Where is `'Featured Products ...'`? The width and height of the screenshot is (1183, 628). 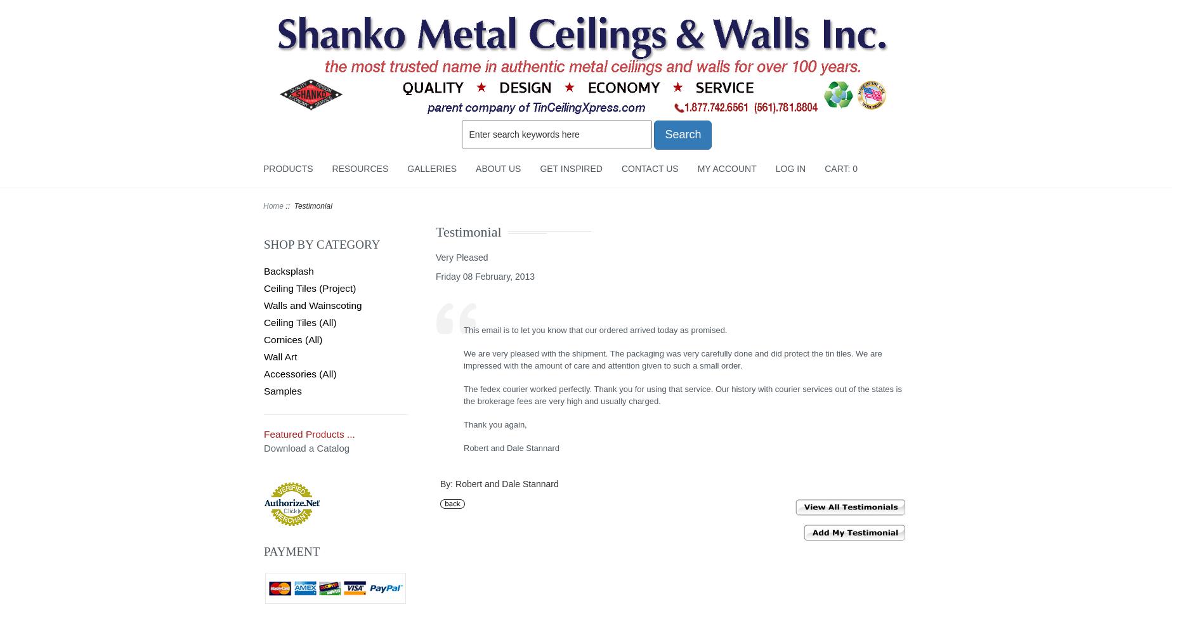
'Featured Products ...' is located at coordinates (308, 433).